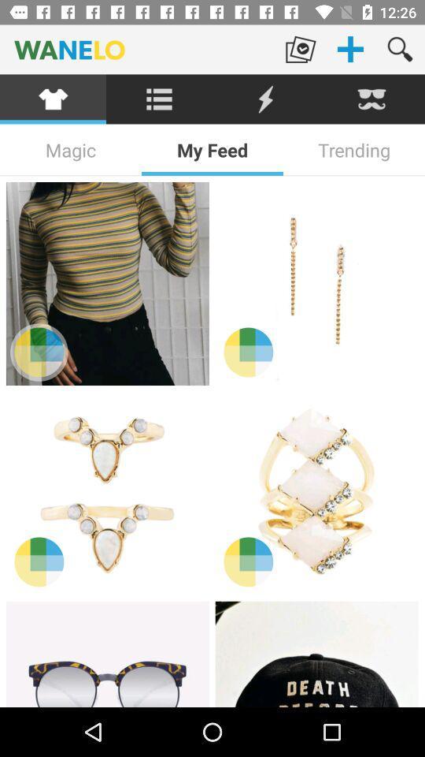 The height and width of the screenshot is (757, 425). What do you see at coordinates (70, 150) in the screenshot?
I see `the item next to the my feed item` at bounding box center [70, 150].